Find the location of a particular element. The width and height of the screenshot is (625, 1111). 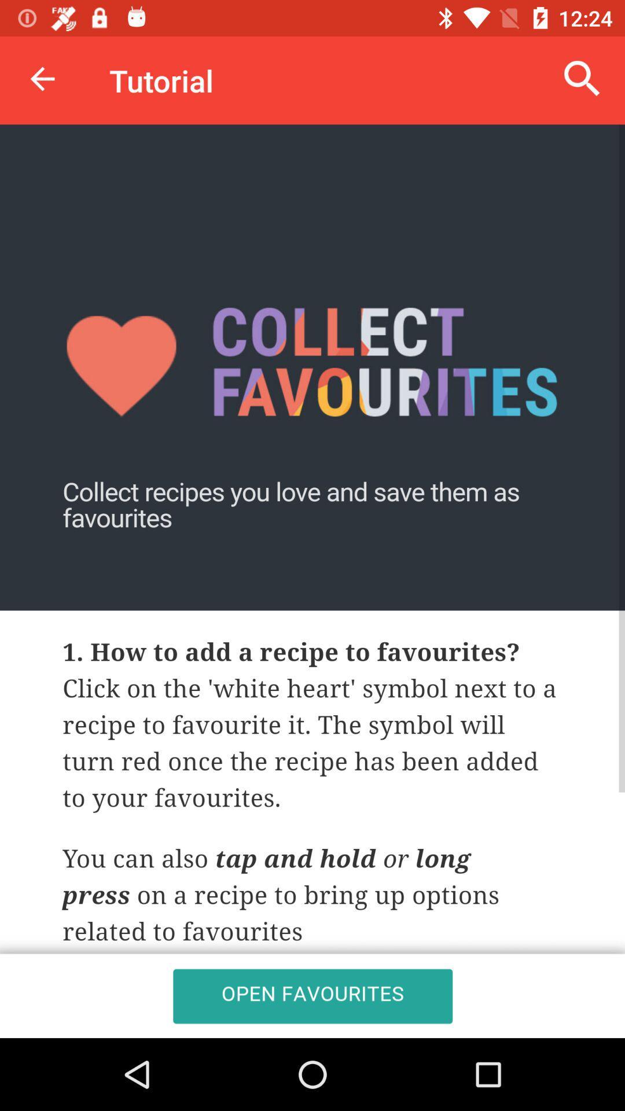

open app is located at coordinates (312, 581).